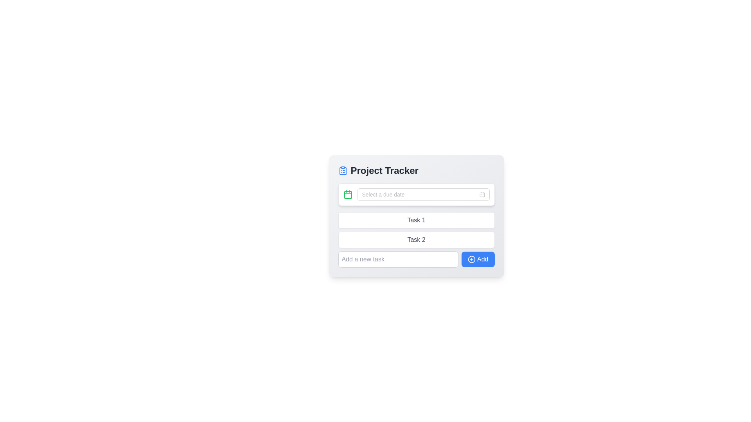 This screenshot has width=751, height=422. What do you see at coordinates (416, 239) in the screenshot?
I see `the task list input field and action button located within the Project Tracker component` at bounding box center [416, 239].